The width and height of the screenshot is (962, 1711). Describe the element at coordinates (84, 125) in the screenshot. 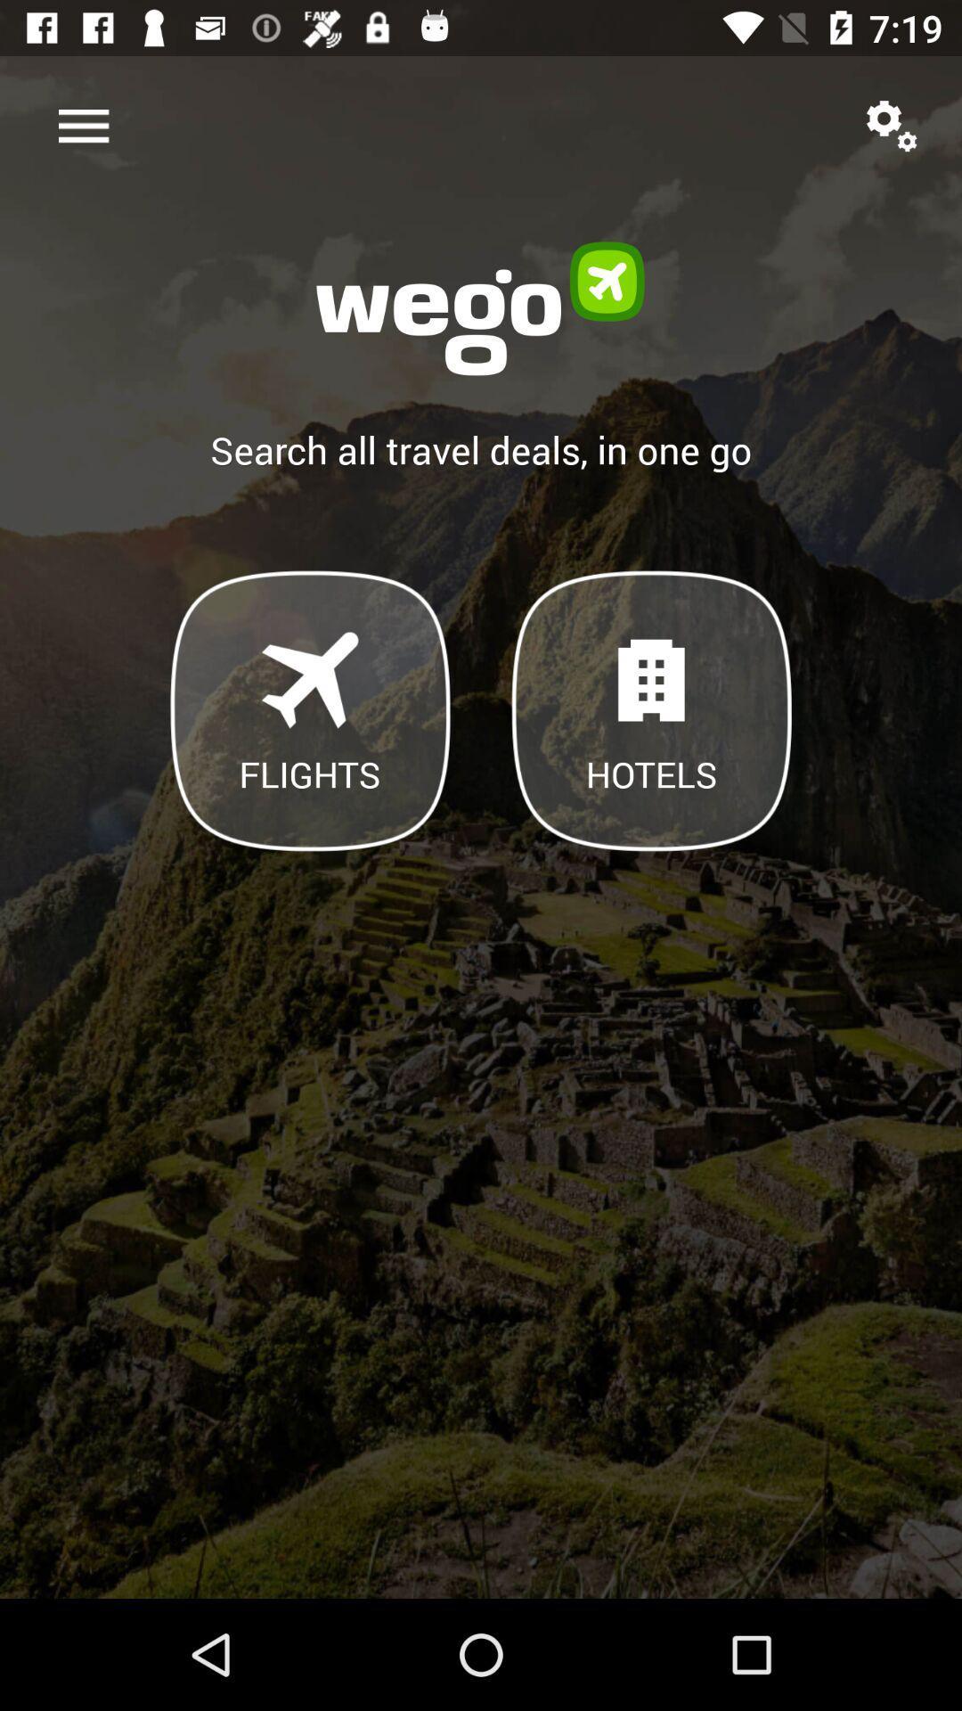

I see `the menu icon` at that location.